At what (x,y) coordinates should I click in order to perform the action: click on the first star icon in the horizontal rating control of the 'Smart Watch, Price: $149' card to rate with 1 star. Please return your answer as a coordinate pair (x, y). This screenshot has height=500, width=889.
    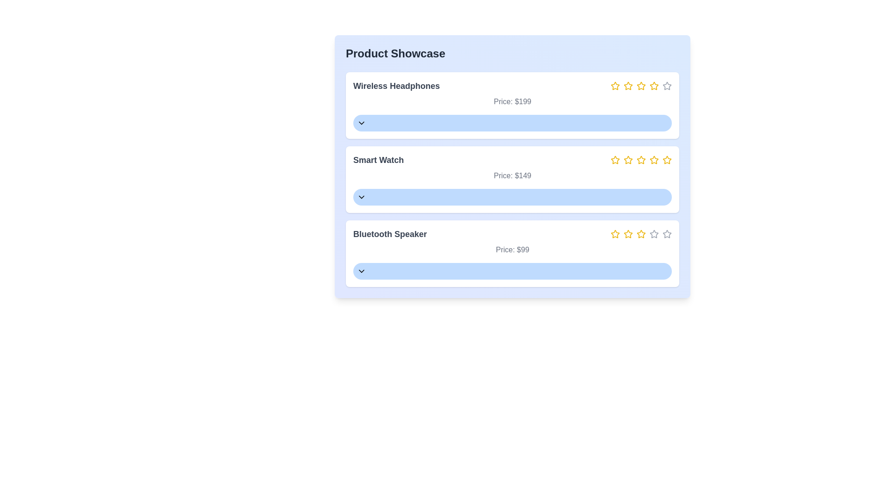
    Looking at the image, I should click on (615, 160).